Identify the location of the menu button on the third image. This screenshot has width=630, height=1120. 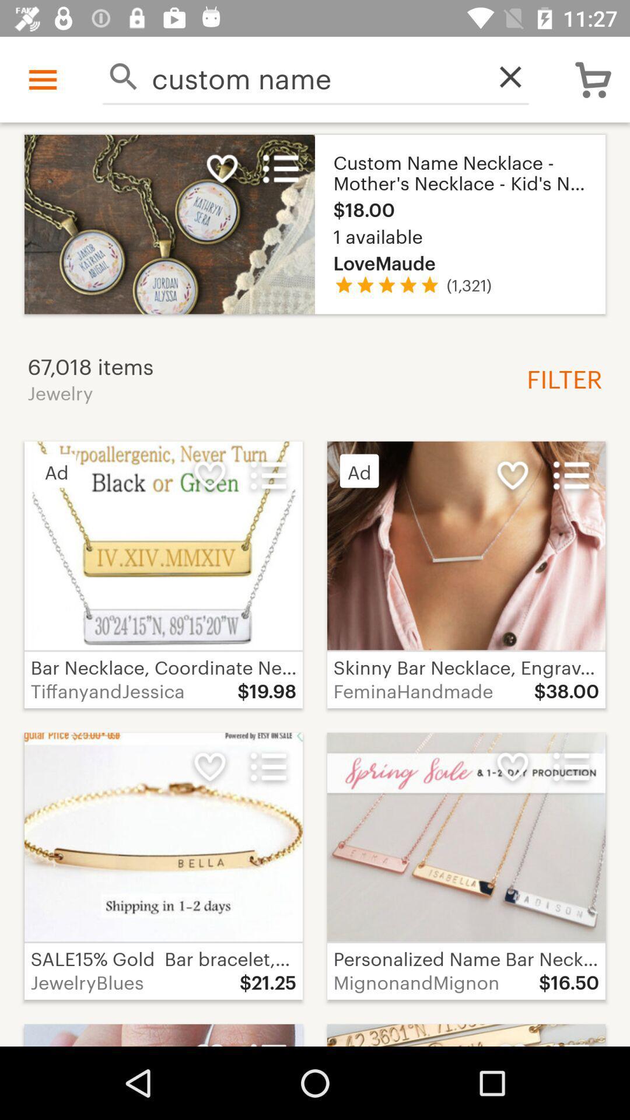
(570, 475).